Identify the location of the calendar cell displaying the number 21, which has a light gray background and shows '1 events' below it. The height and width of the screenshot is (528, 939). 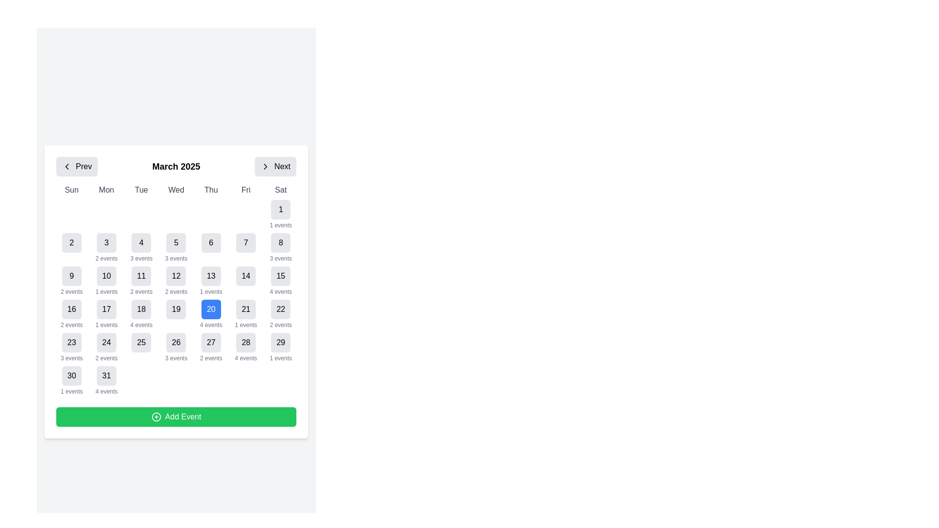
(246, 314).